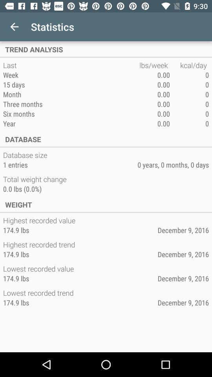  I want to click on icon next to the 0.00 item, so click(71, 123).